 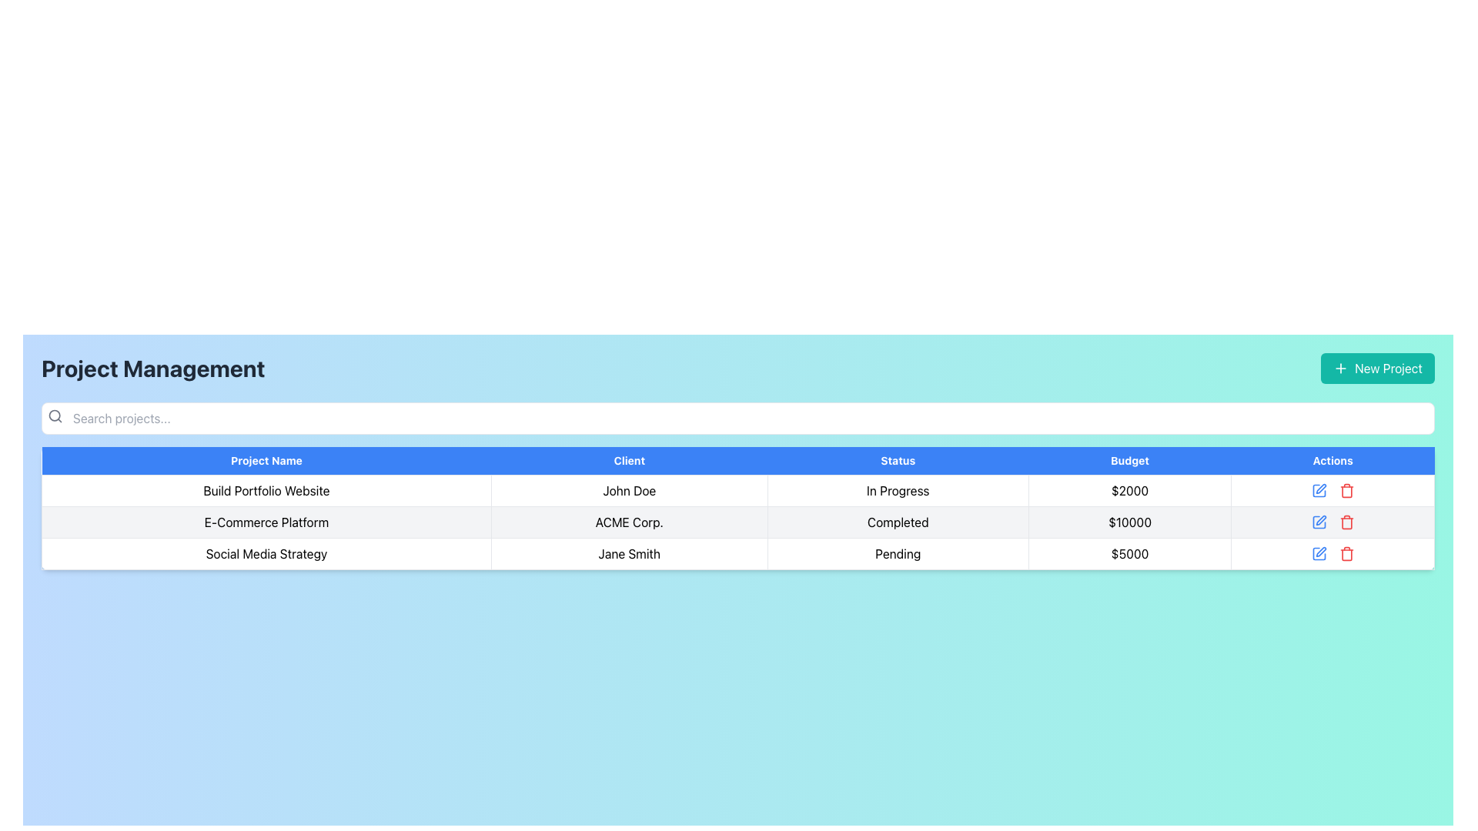 I want to click on the 'Budget' text label, which is a rectangular element with a blue background and white text, located in the fourth column of the header row in a 'Project Management' interface, so click(x=1130, y=460).